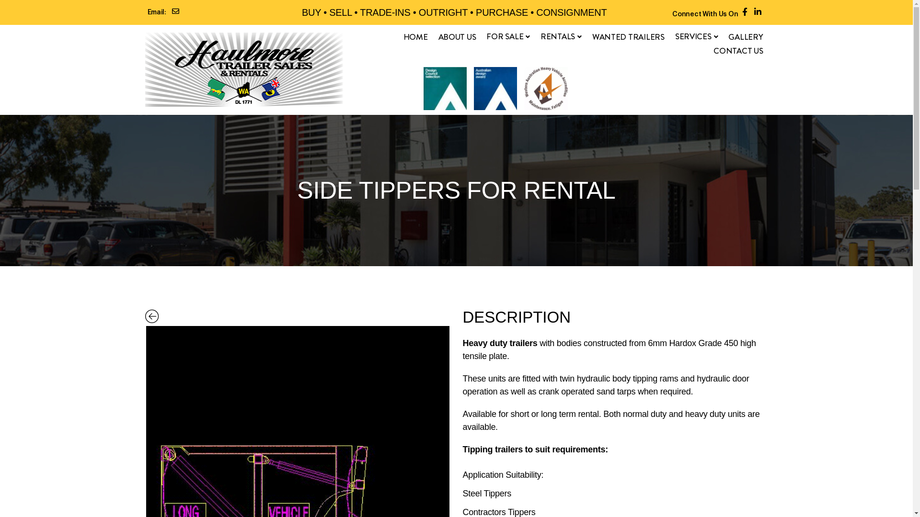  I want to click on 'CONTACT US', so click(713, 50).